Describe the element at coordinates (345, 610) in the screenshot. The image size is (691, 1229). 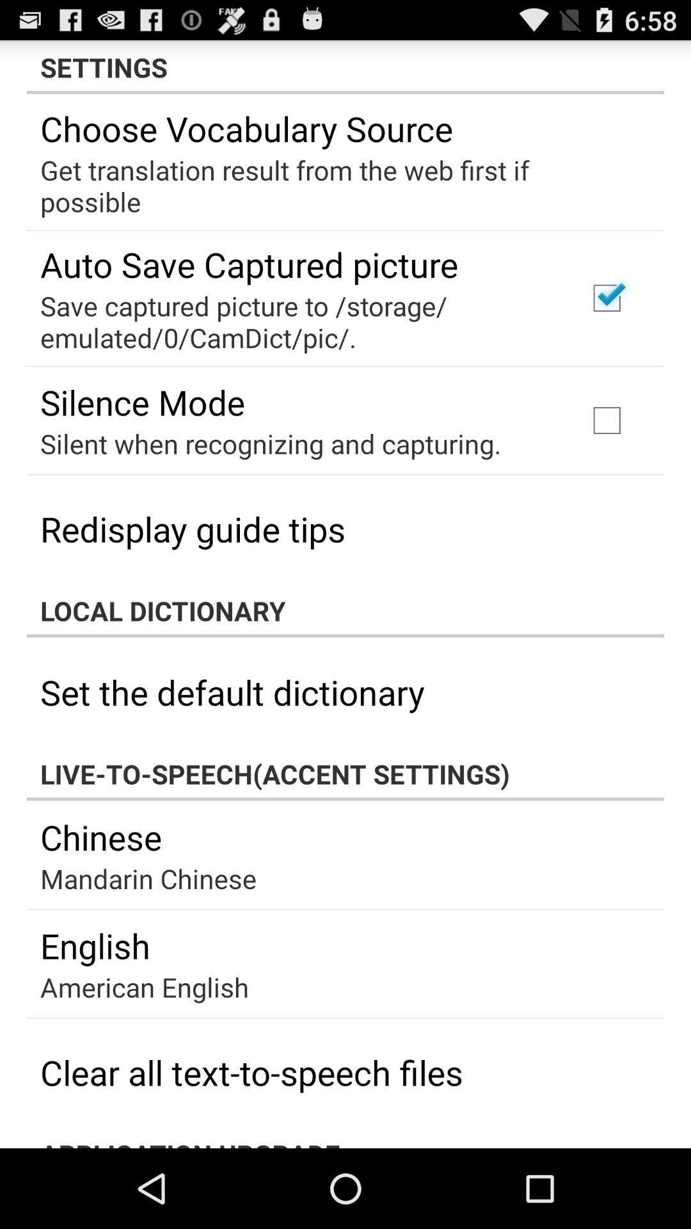
I see `the app above the set the default app` at that location.